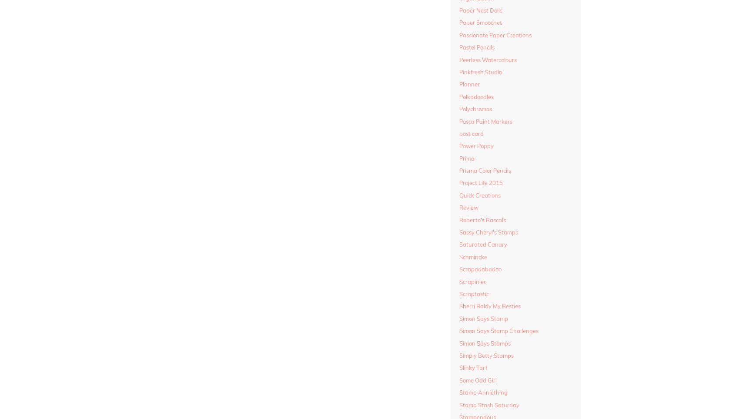 The width and height of the screenshot is (736, 419). Describe the element at coordinates (480, 71) in the screenshot. I see `'Pinkfresh Studio'` at that location.